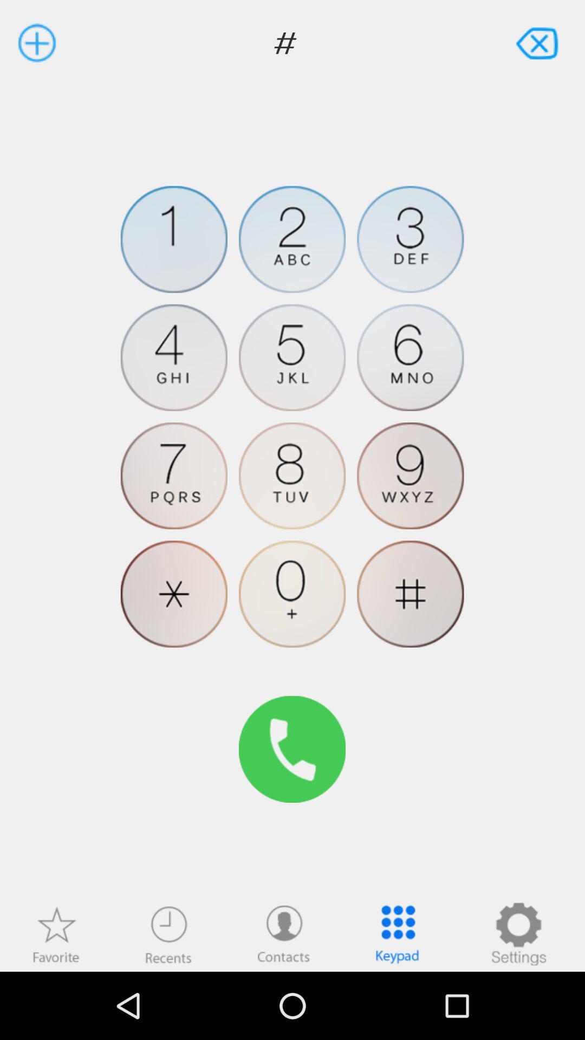  Describe the element at coordinates (291, 476) in the screenshot. I see `number 8 in phone pad for calling` at that location.